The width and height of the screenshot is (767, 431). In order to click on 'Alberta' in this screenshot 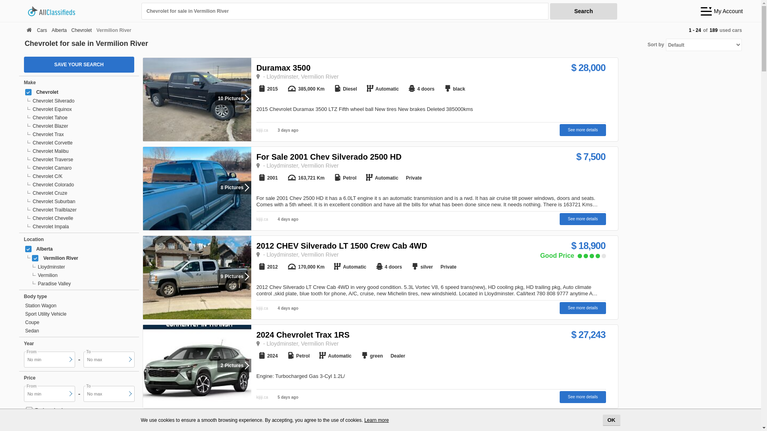, I will do `click(59, 30)`.